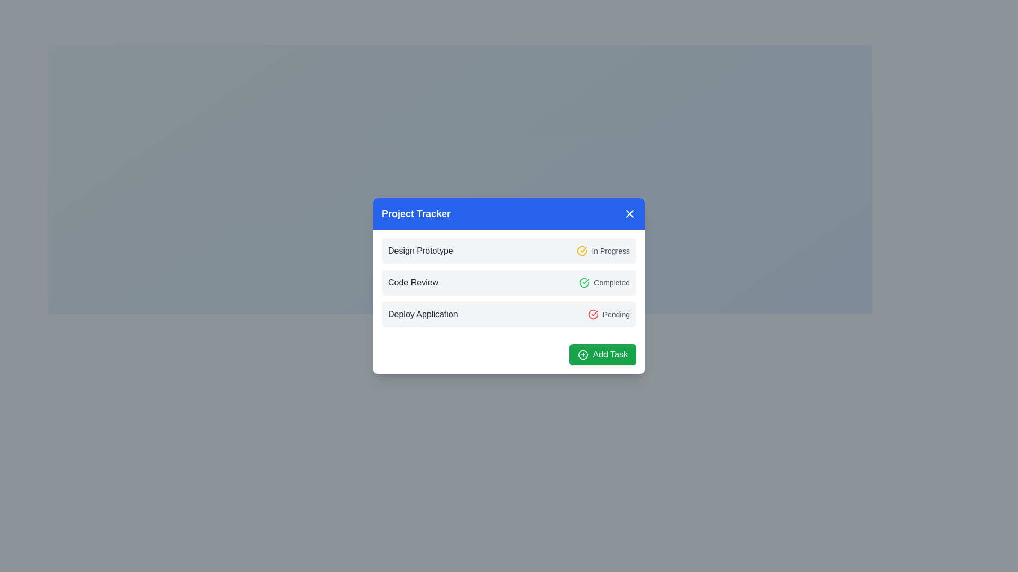  I want to click on the circular green icon with a checkmark located next to the 'Code Review' text in the 'Completed' section, so click(584, 282).